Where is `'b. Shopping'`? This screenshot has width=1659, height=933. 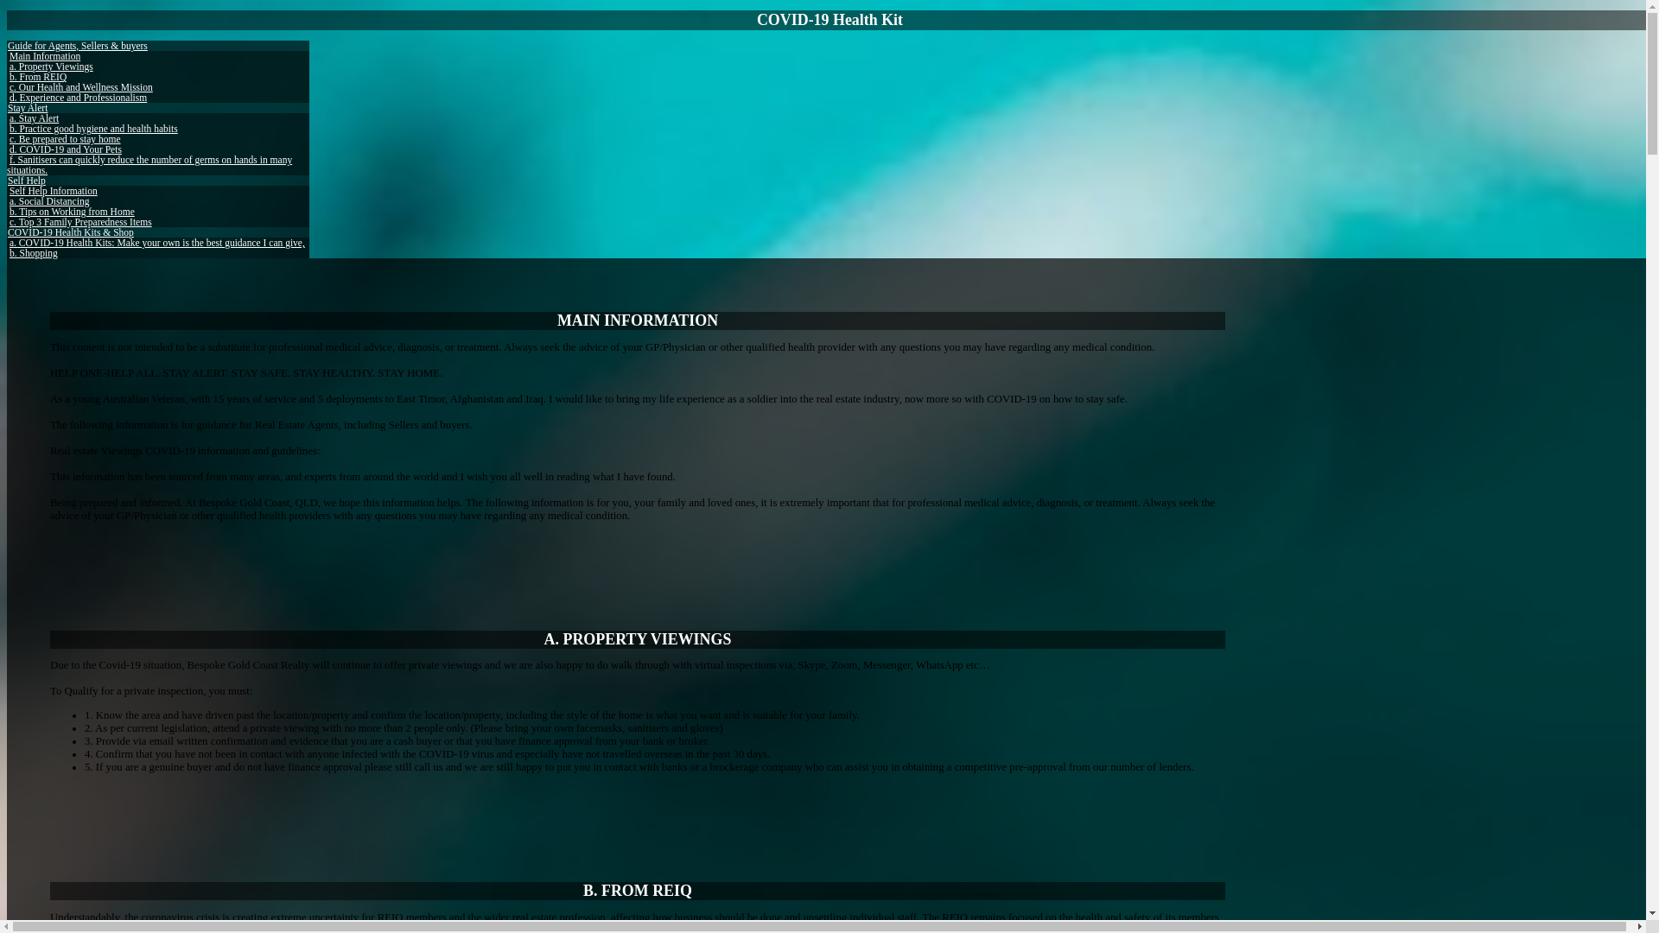 'b. Shopping' is located at coordinates (33, 253).